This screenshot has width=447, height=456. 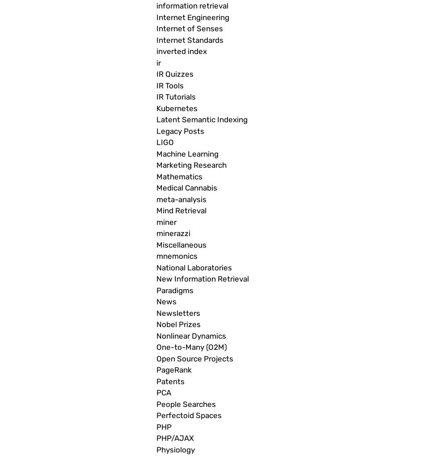 I want to click on 'Marketing Research', so click(x=156, y=164).